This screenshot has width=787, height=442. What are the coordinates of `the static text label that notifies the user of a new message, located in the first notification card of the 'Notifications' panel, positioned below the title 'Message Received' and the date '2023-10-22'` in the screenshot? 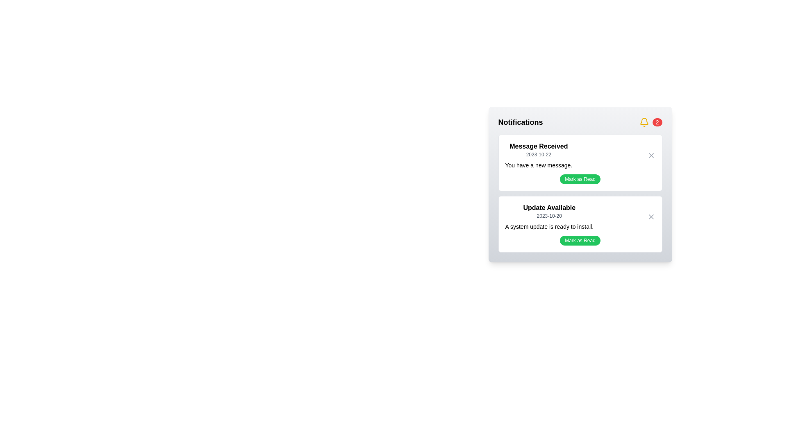 It's located at (539, 165).